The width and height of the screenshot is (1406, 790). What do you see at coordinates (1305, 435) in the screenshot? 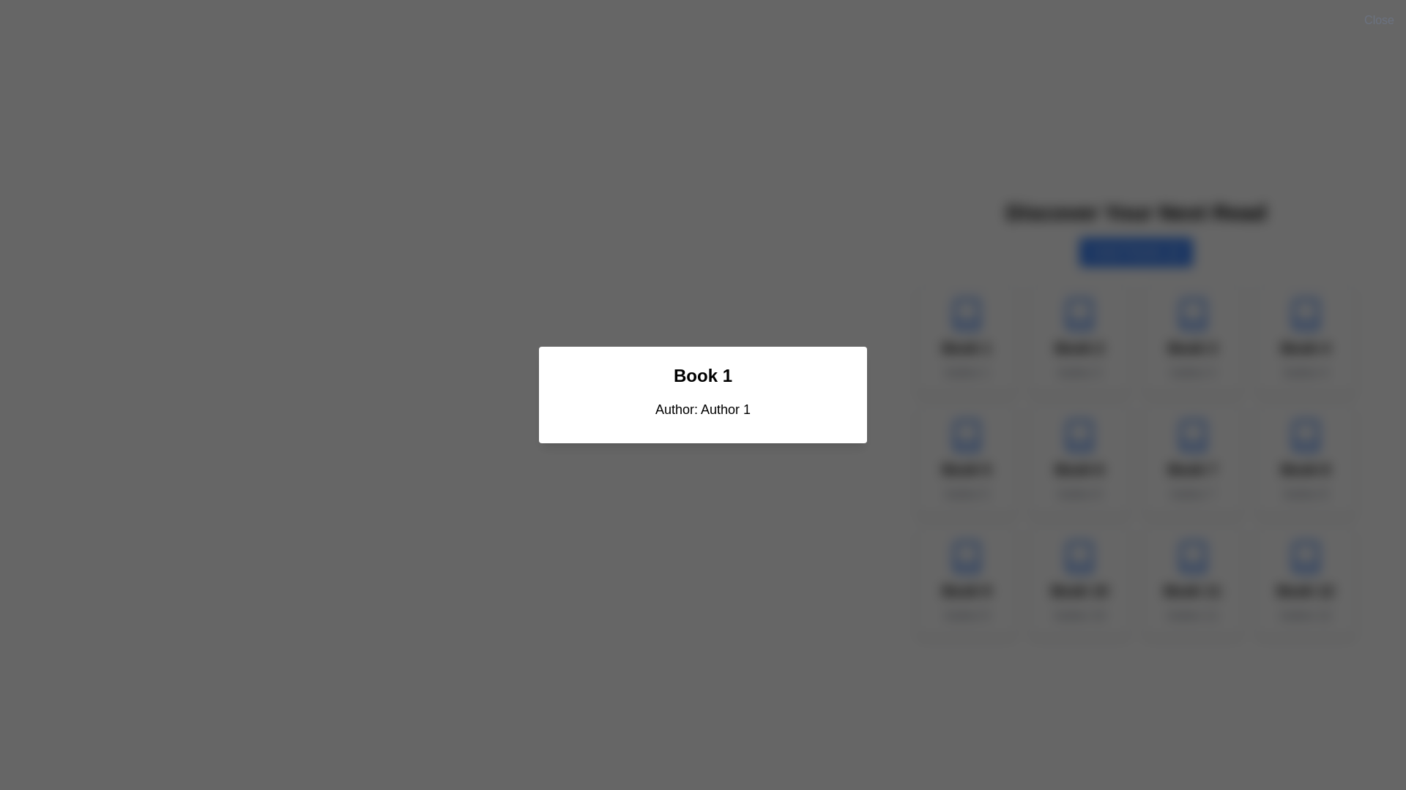
I see `the book icon located in the fourth position of the second row in a 4x3 grid layout` at bounding box center [1305, 435].